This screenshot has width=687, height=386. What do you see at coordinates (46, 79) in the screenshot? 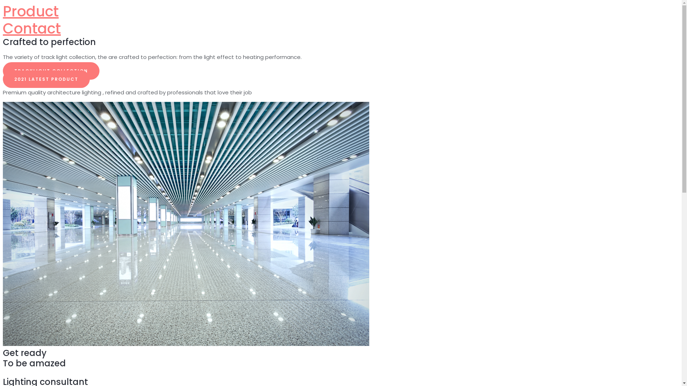
I see `'2021 LATEST PRODUCT'` at bounding box center [46, 79].